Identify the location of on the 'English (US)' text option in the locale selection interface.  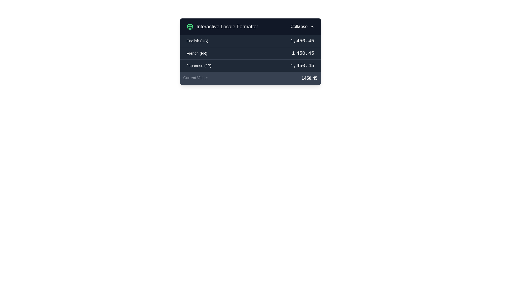
(197, 41).